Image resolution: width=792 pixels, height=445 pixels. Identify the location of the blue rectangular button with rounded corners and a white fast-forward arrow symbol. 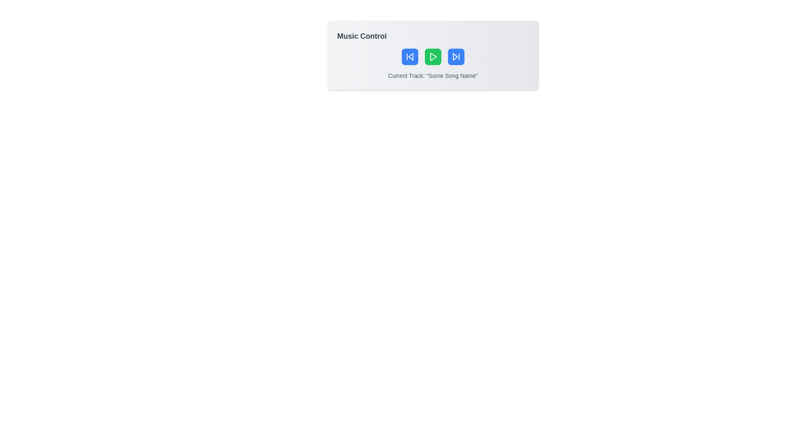
(455, 56).